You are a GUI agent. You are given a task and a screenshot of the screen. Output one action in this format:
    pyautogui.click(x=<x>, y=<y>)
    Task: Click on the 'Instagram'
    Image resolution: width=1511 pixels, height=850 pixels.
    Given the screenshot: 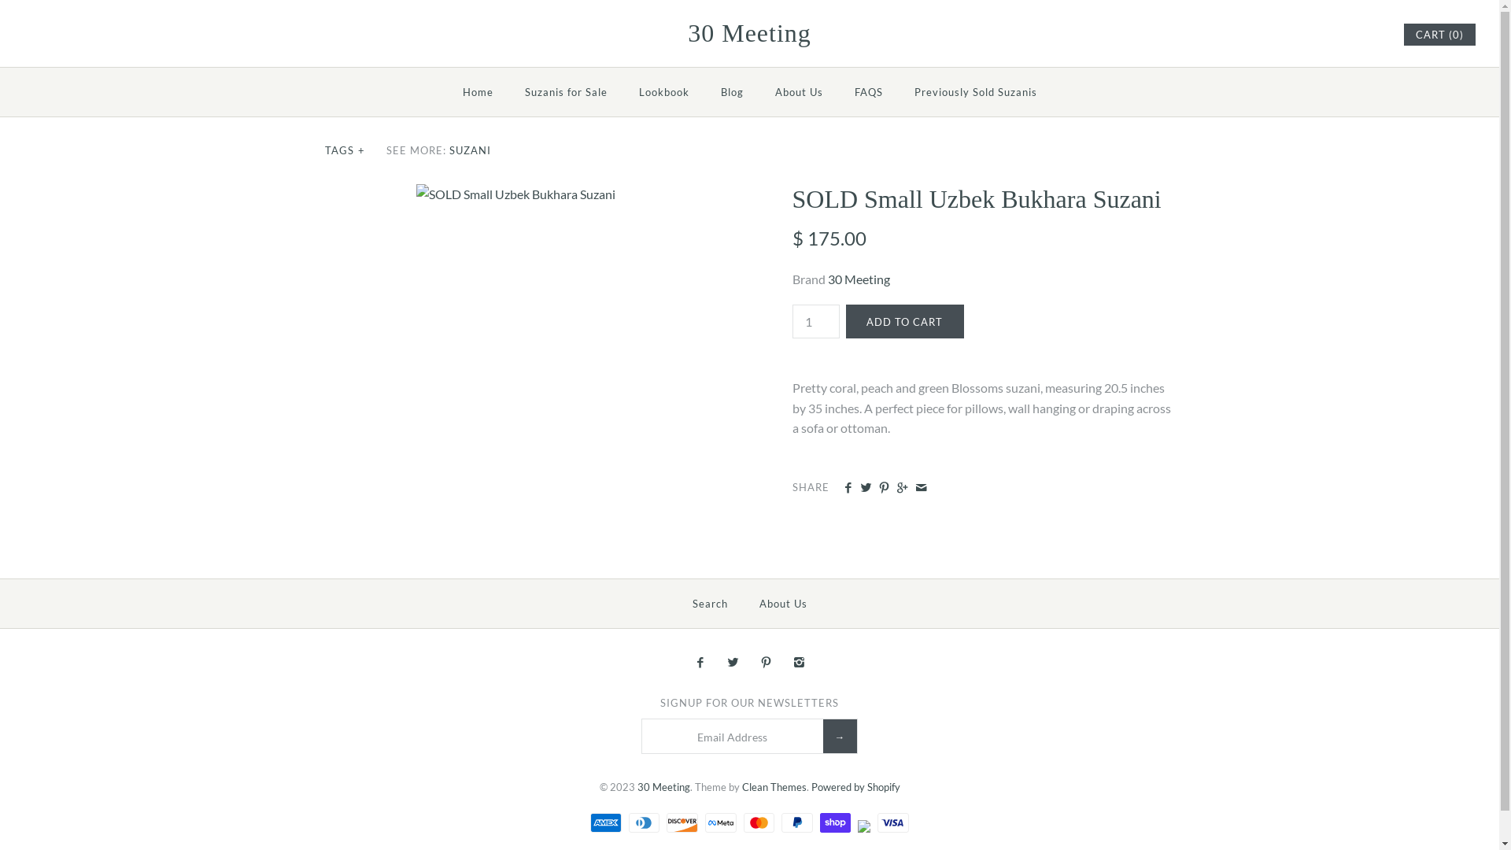 What is the action you would take?
    pyautogui.click(x=799, y=663)
    